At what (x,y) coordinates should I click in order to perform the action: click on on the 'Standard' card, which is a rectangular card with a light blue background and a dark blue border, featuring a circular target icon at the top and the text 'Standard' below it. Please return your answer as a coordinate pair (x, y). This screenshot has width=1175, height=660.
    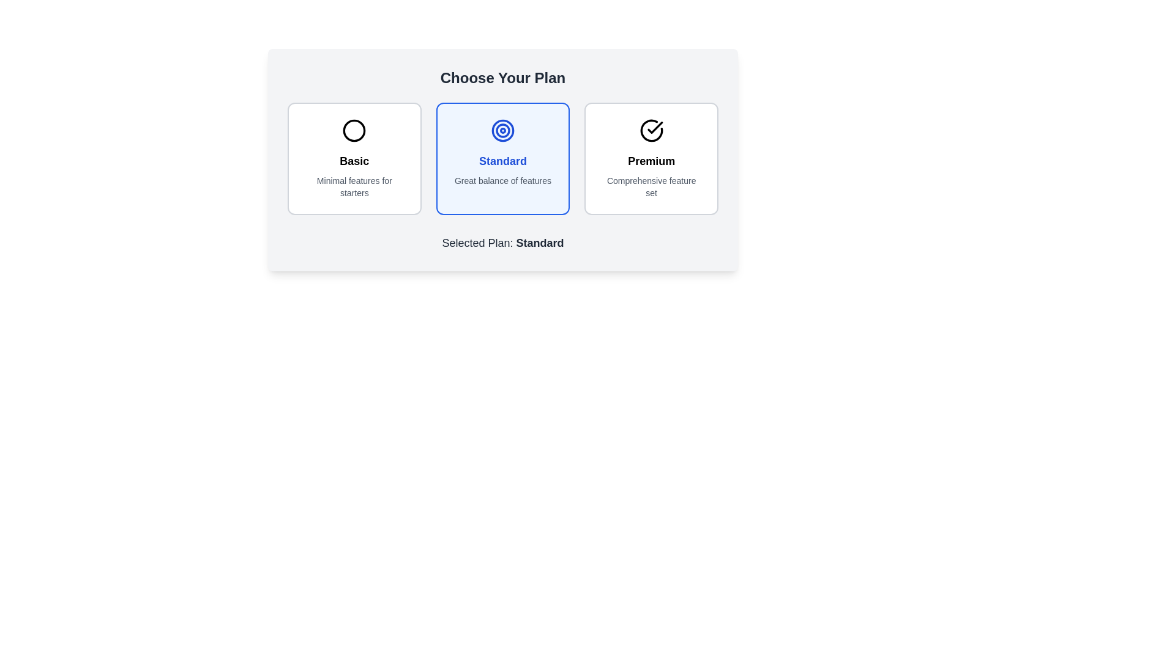
    Looking at the image, I should click on (502, 158).